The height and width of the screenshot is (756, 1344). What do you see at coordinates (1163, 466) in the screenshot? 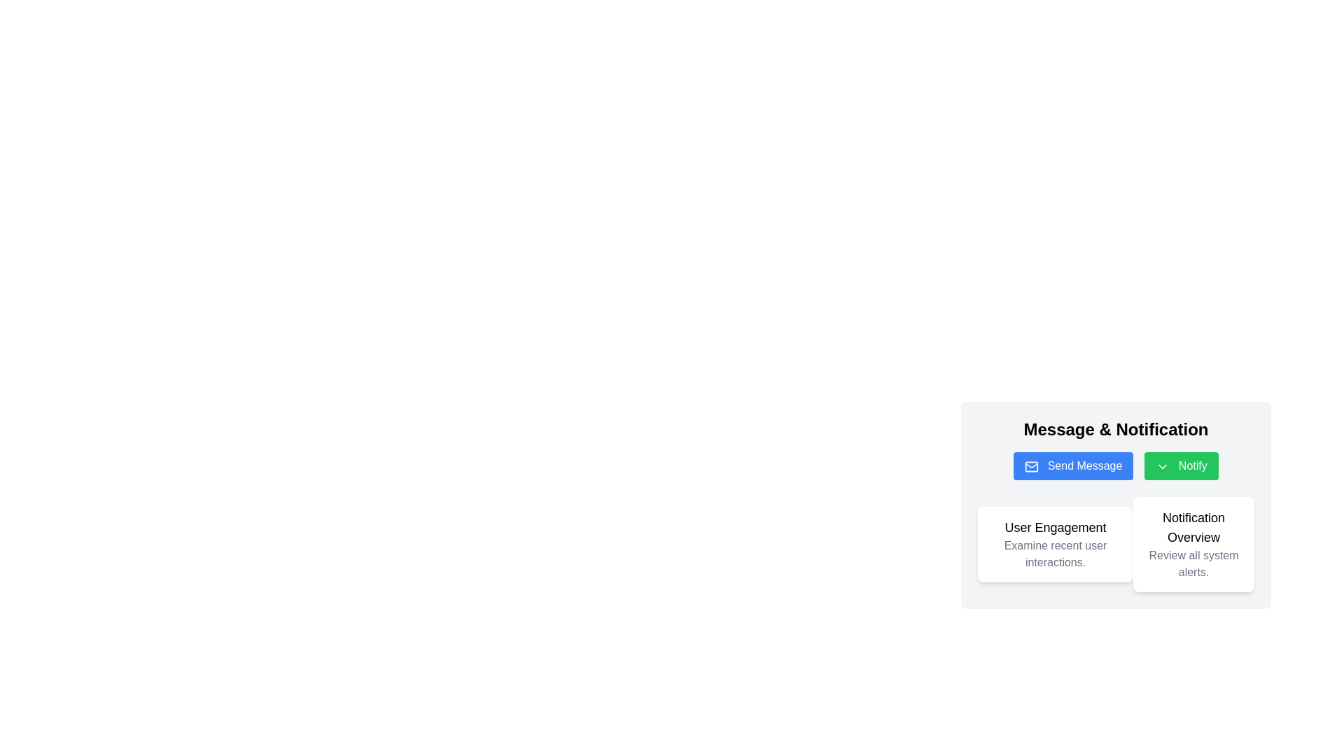
I see `the downward-facing chevron icon, which is styled in green and located to the left of the 'Notify' button text` at bounding box center [1163, 466].